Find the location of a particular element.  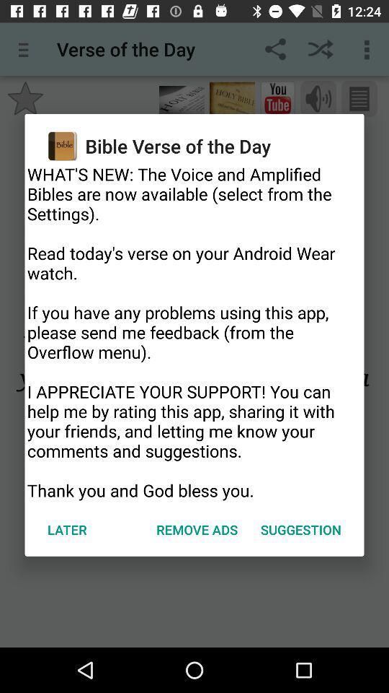

item to the left of the suggestion item is located at coordinates (196, 528).